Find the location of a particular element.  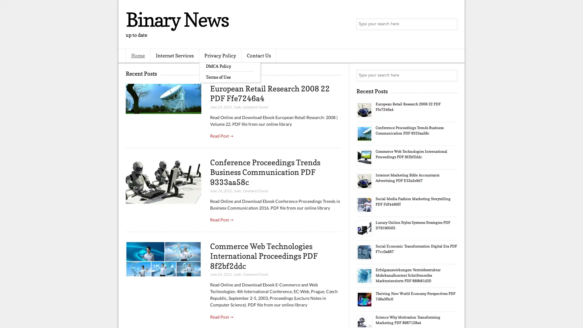

Search is located at coordinates (451, 75).